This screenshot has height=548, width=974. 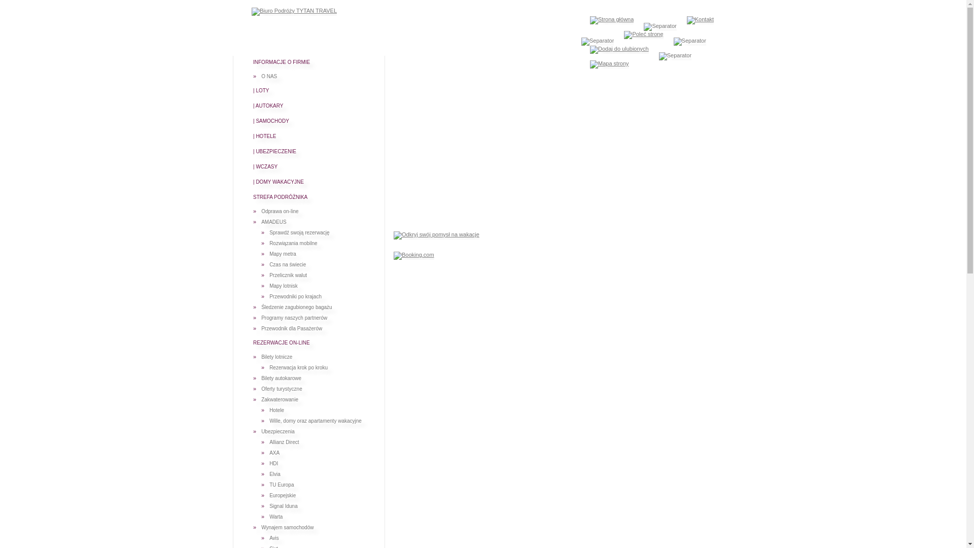 What do you see at coordinates (253, 151) in the screenshot?
I see `'| UBEZPIECZENIE'` at bounding box center [253, 151].